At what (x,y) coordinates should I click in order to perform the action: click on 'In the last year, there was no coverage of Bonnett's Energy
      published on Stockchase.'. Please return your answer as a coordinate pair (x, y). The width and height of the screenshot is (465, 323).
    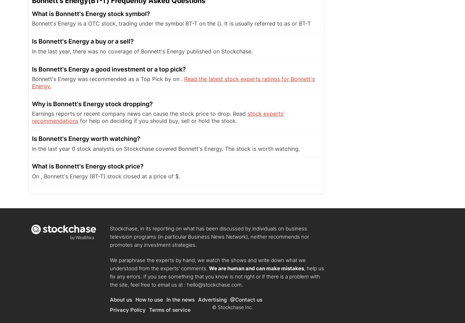
    Looking at the image, I should click on (142, 51).